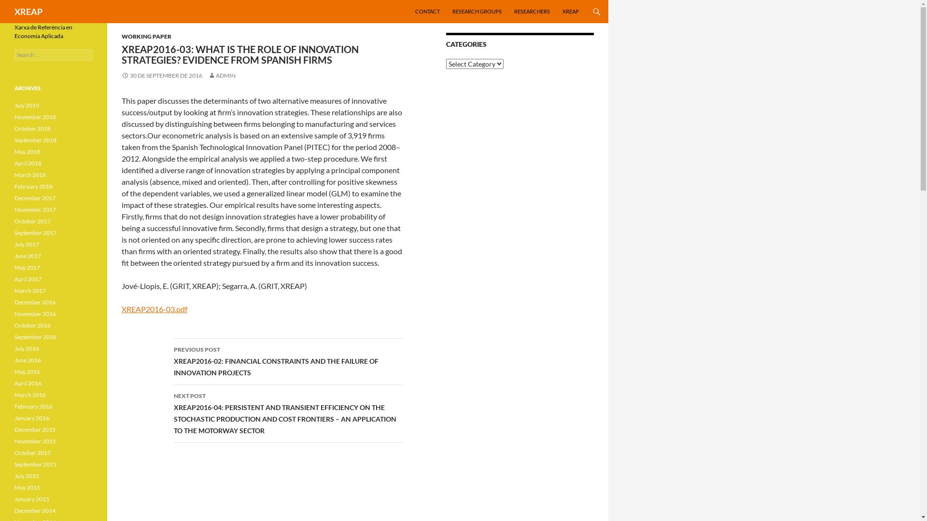 The height and width of the screenshot is (521, 927). Describe the element at coordinates (27, 244) in the screenshot. I see `'July 2017'` at that location.